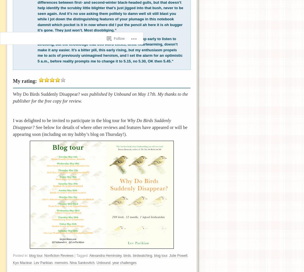  What do you see at coordinates (42, 263) in the screenshot?
I see `'Lev Parikian'` at bounding box center [42, 263].